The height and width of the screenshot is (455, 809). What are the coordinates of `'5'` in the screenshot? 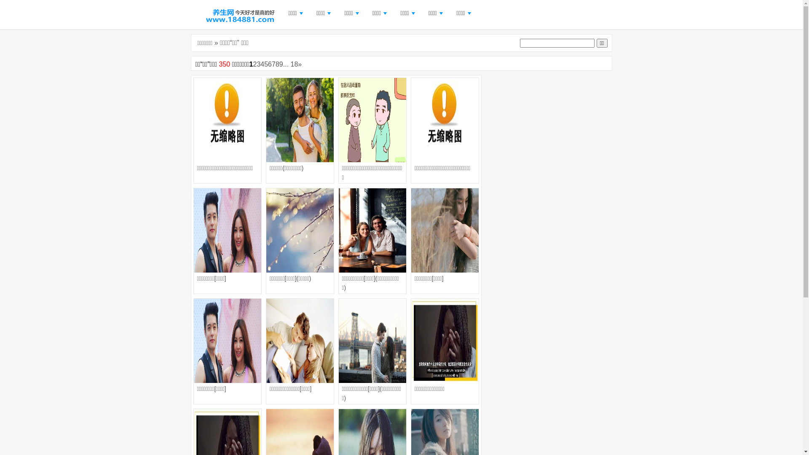 It's located at (265, 64).